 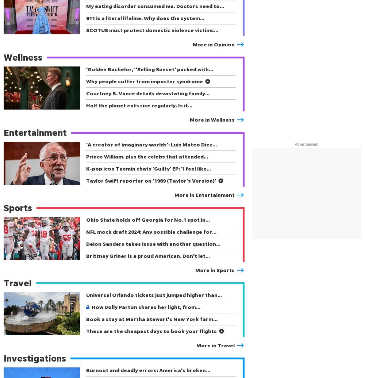 I want to click on 'Ohio State holds off Georgia for No.1 spot in…', so click(x=148, y=219).